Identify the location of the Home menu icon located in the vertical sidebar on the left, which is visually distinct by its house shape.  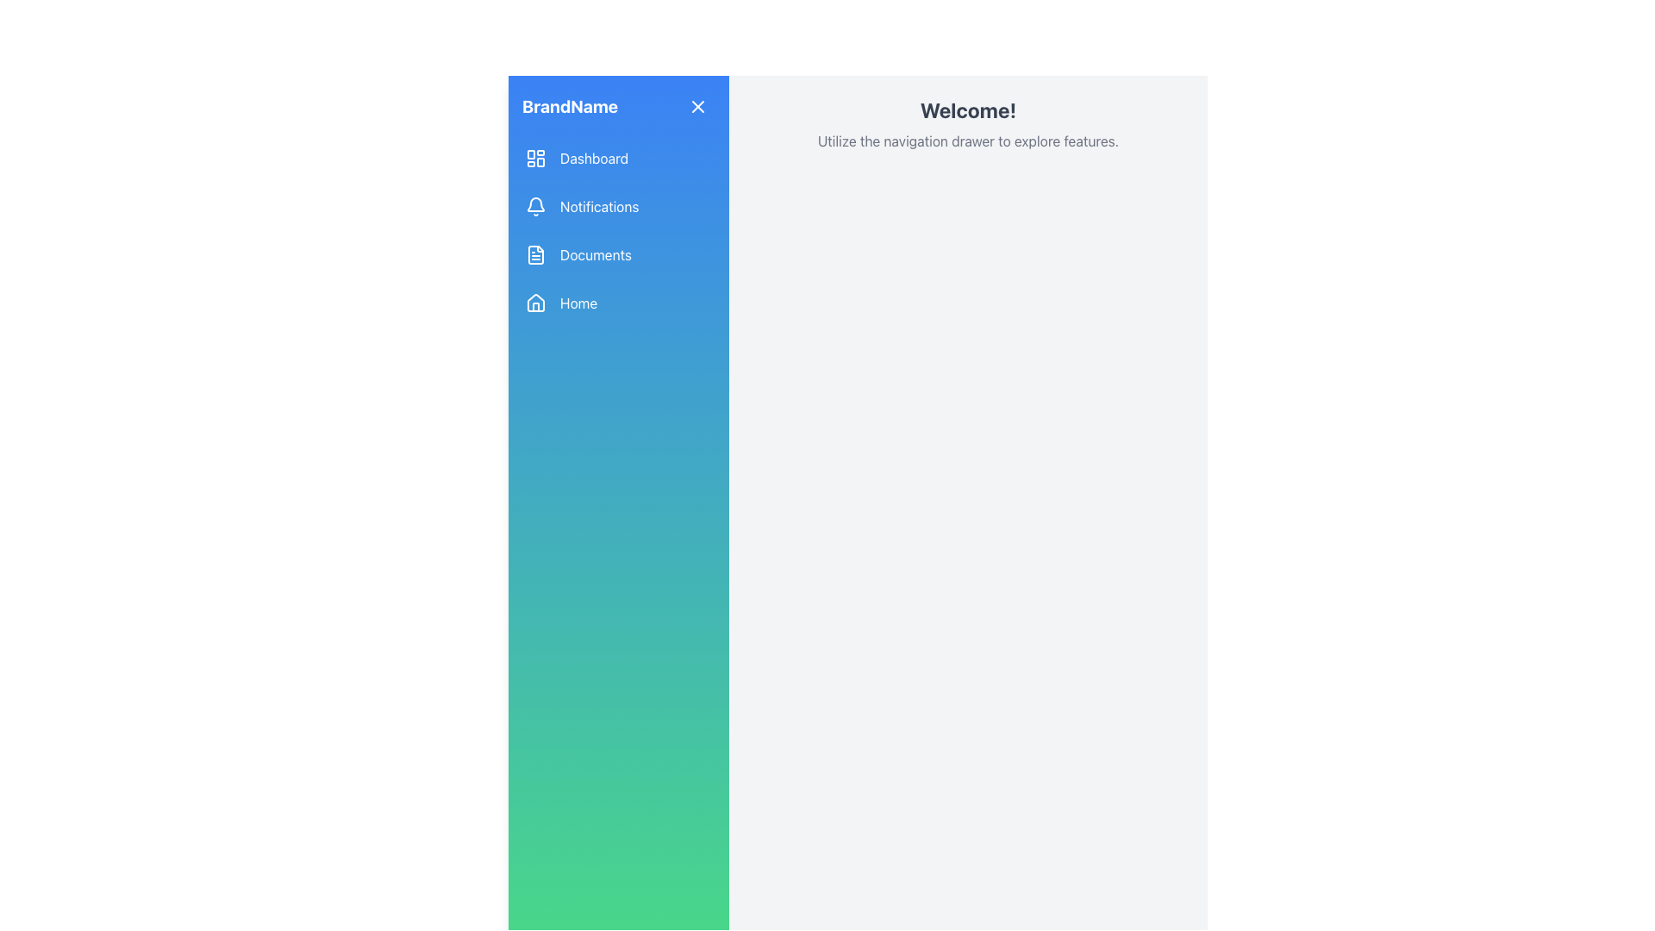
(535, 302).